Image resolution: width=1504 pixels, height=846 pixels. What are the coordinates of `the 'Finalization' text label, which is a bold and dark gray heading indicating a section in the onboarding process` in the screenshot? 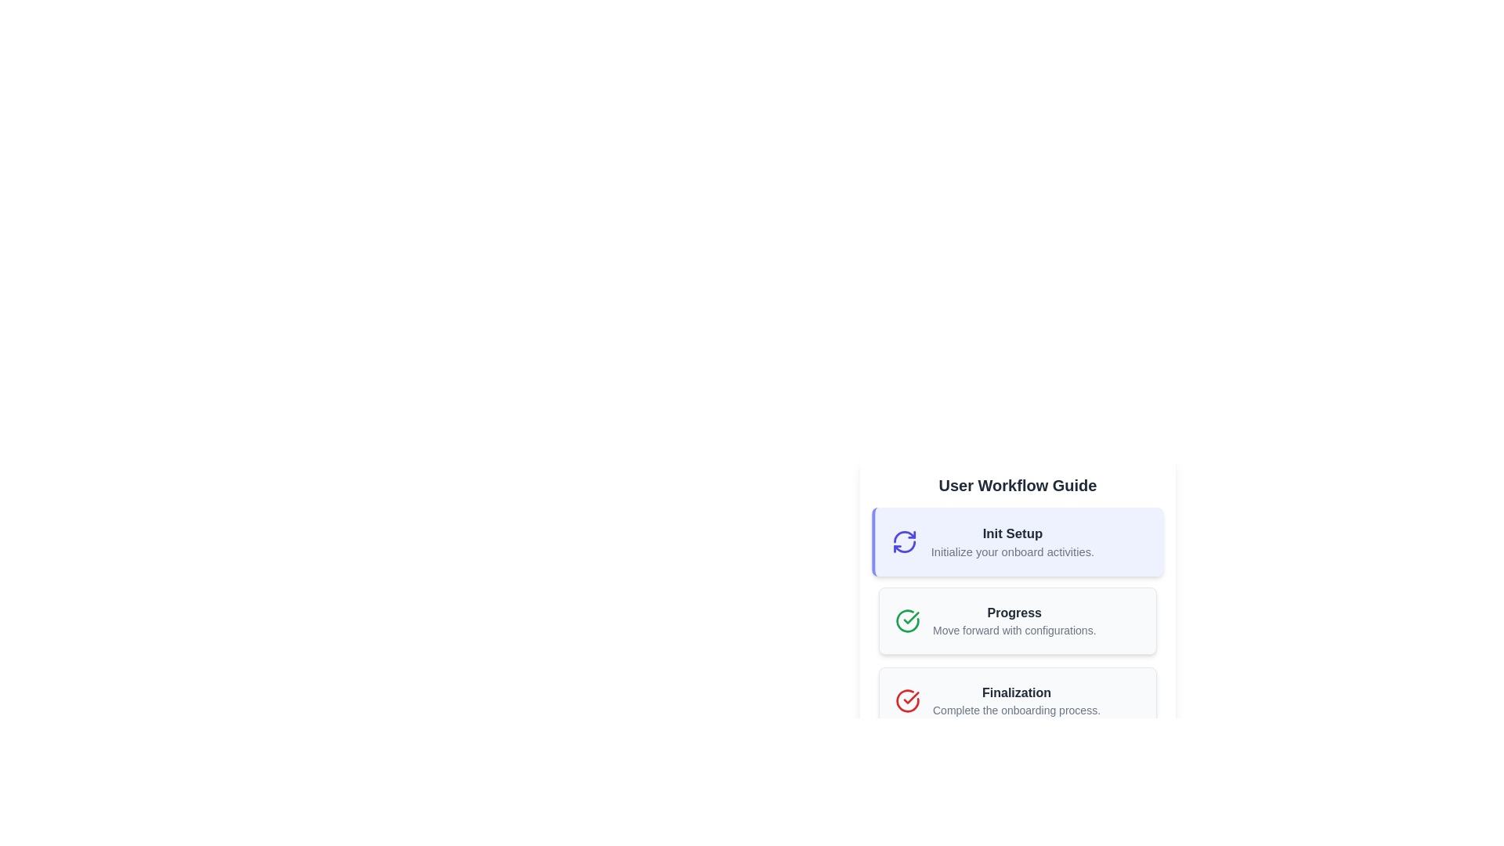 It's located at (1017, 692).